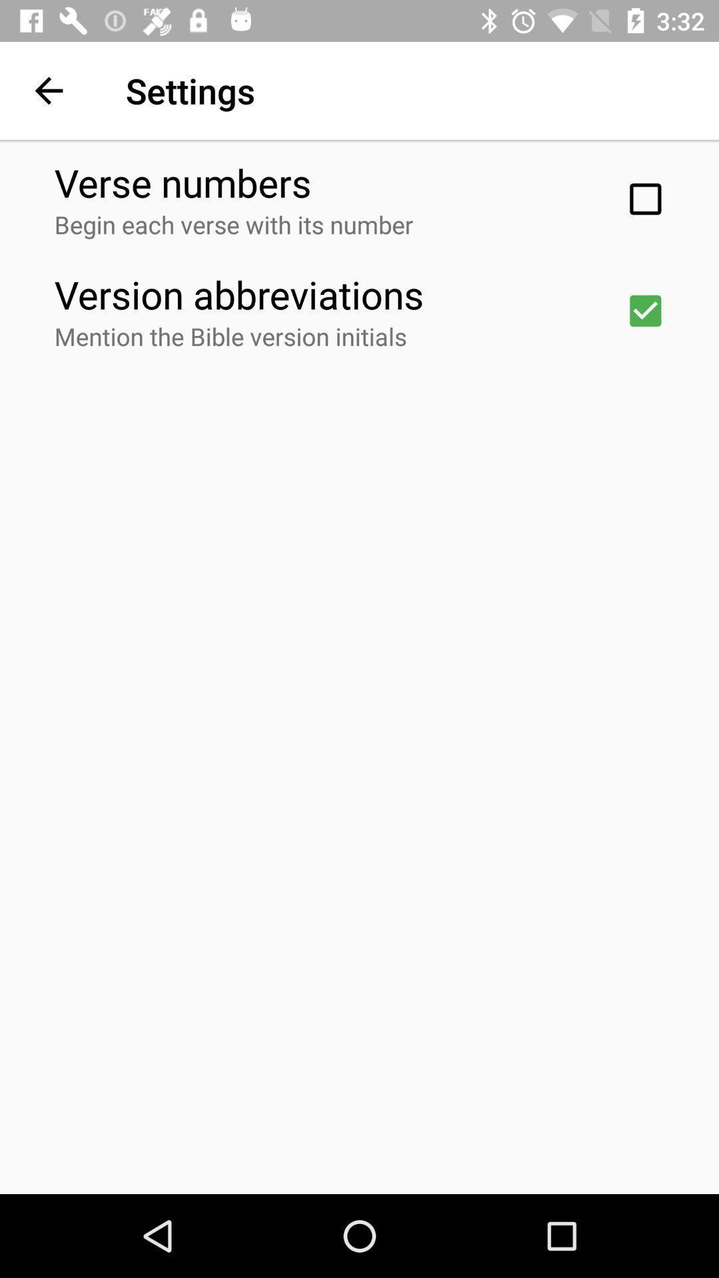  What do you see at coordinates (48, 90) in the screenshot?
I see `the icon to the left of the settings app` at bounding box center [48, 90].